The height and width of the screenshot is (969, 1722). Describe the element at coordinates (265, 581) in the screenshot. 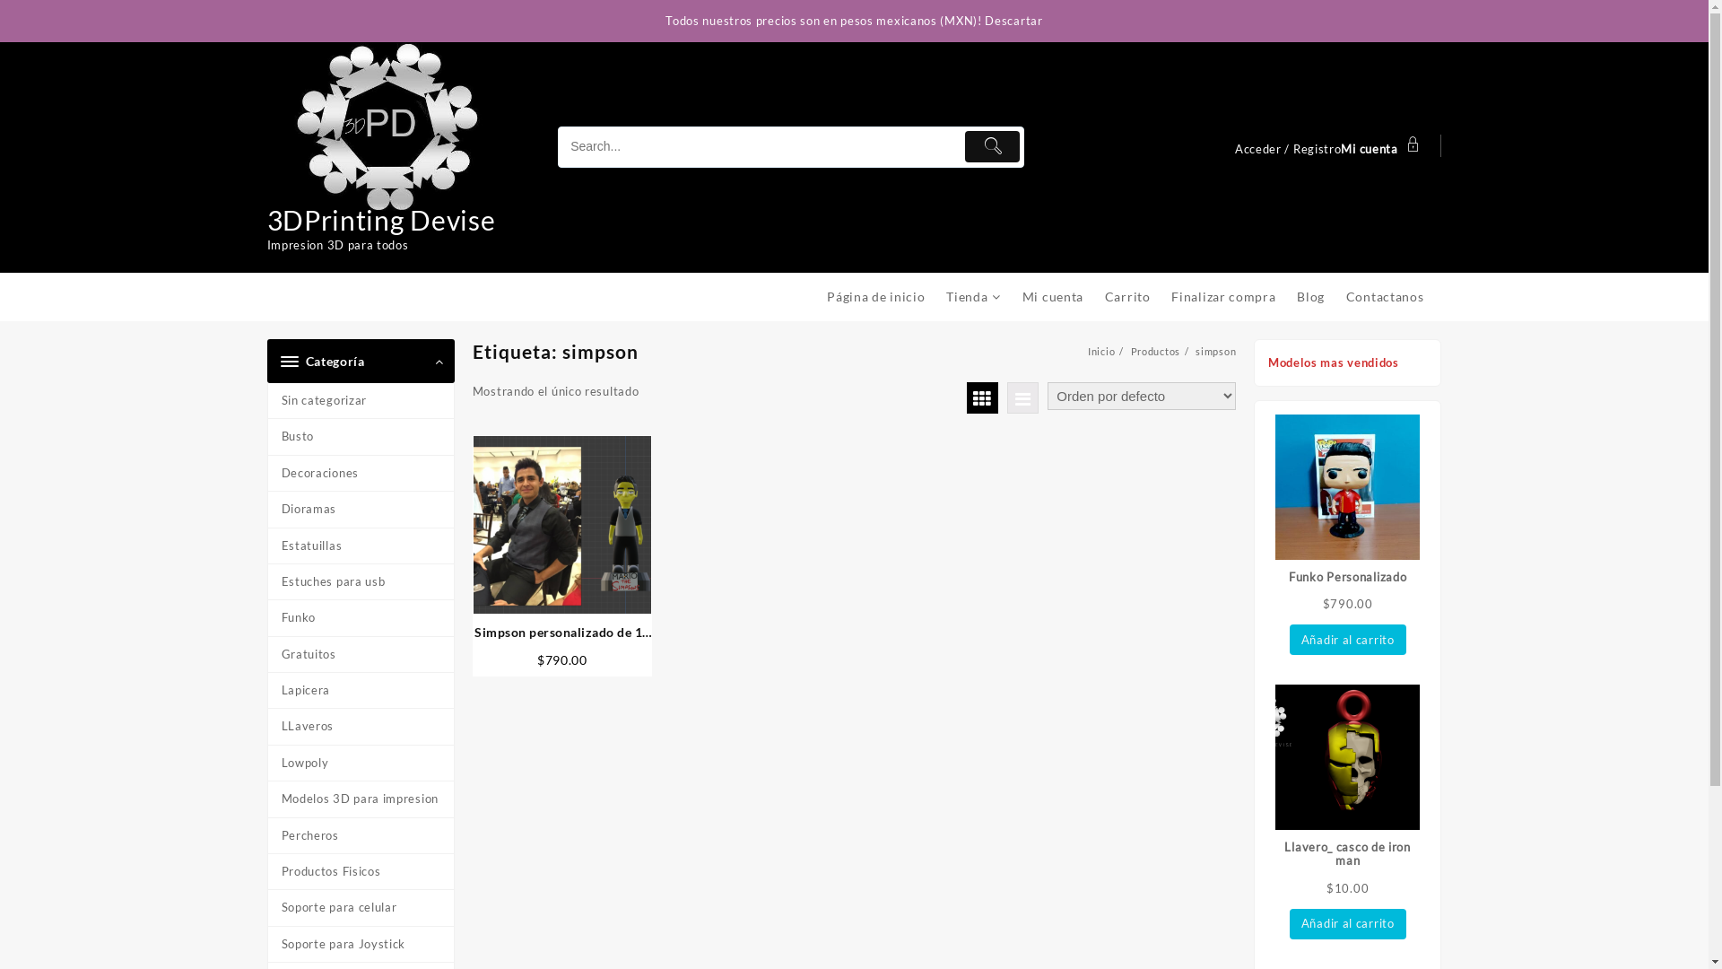

I see `'Estuches para usb'` at that location.